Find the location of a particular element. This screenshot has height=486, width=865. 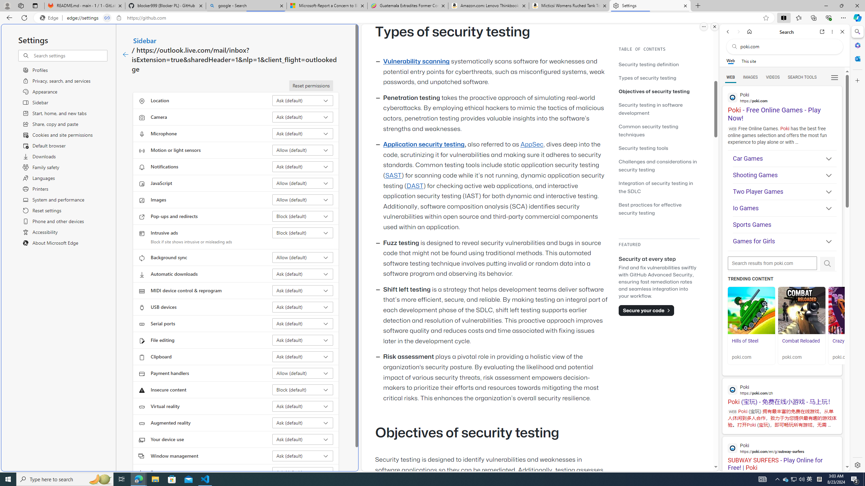

'Sports Games' is located at coordinates (784, 225).